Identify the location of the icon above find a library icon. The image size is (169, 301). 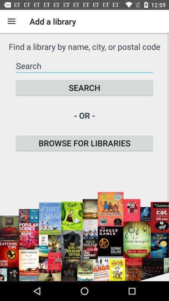
(11, 21).